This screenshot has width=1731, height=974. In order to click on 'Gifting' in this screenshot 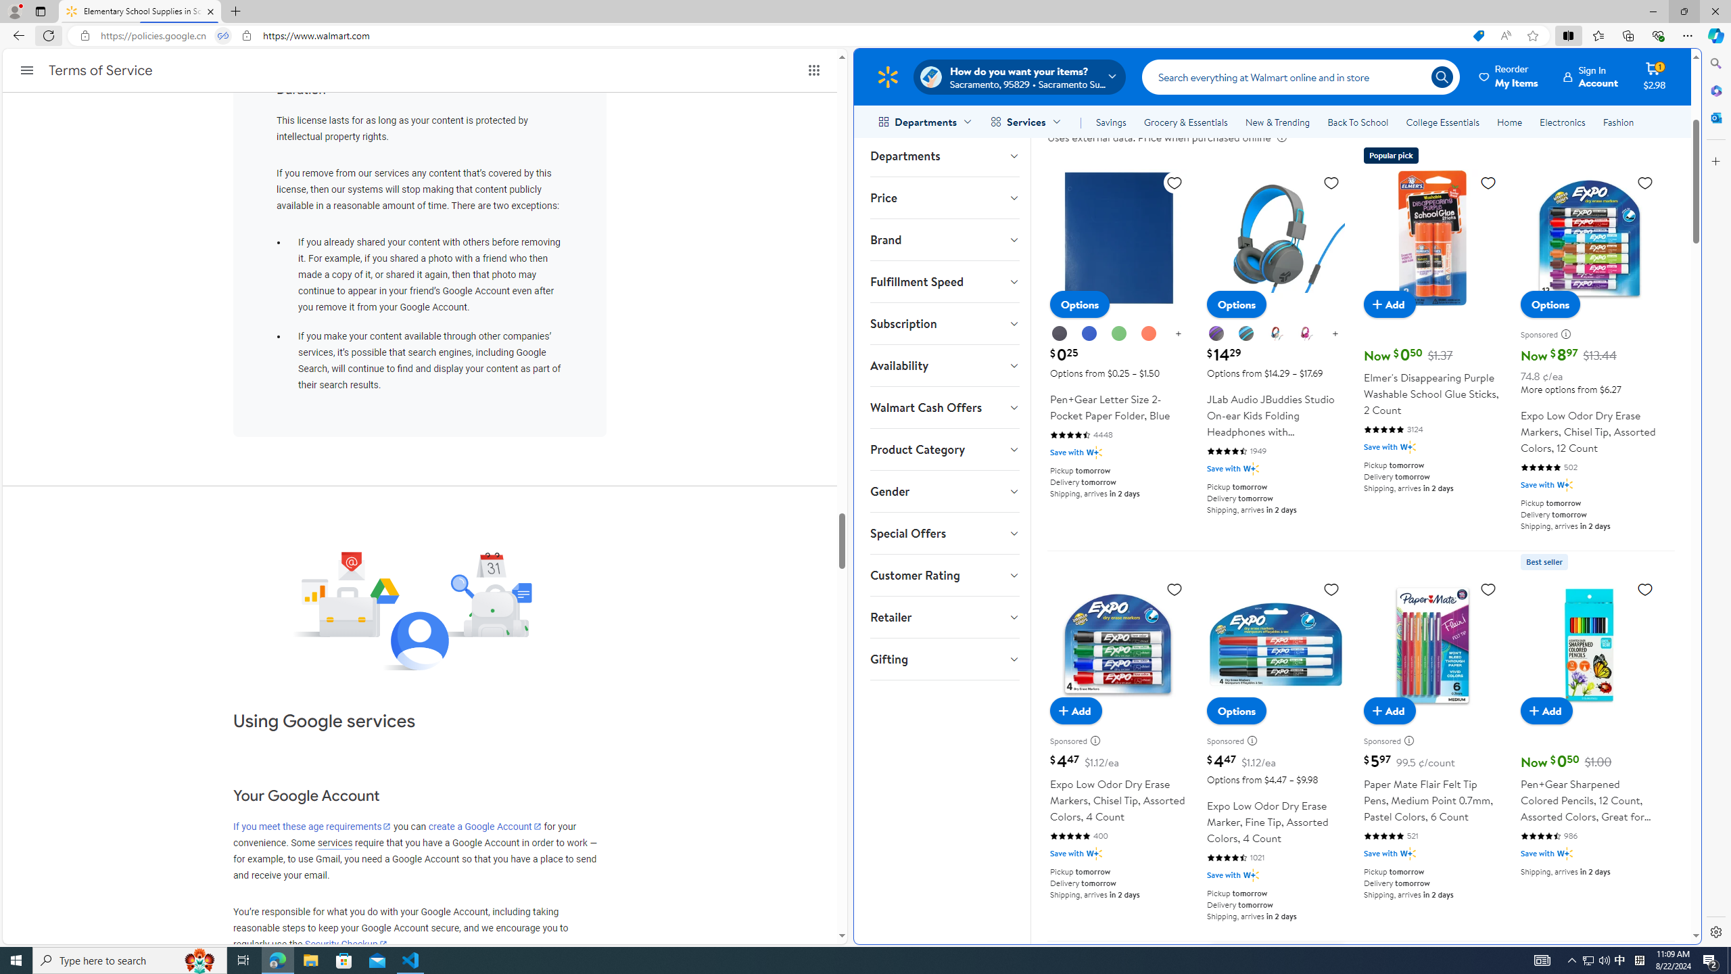, I will do `click(943, 658)`.